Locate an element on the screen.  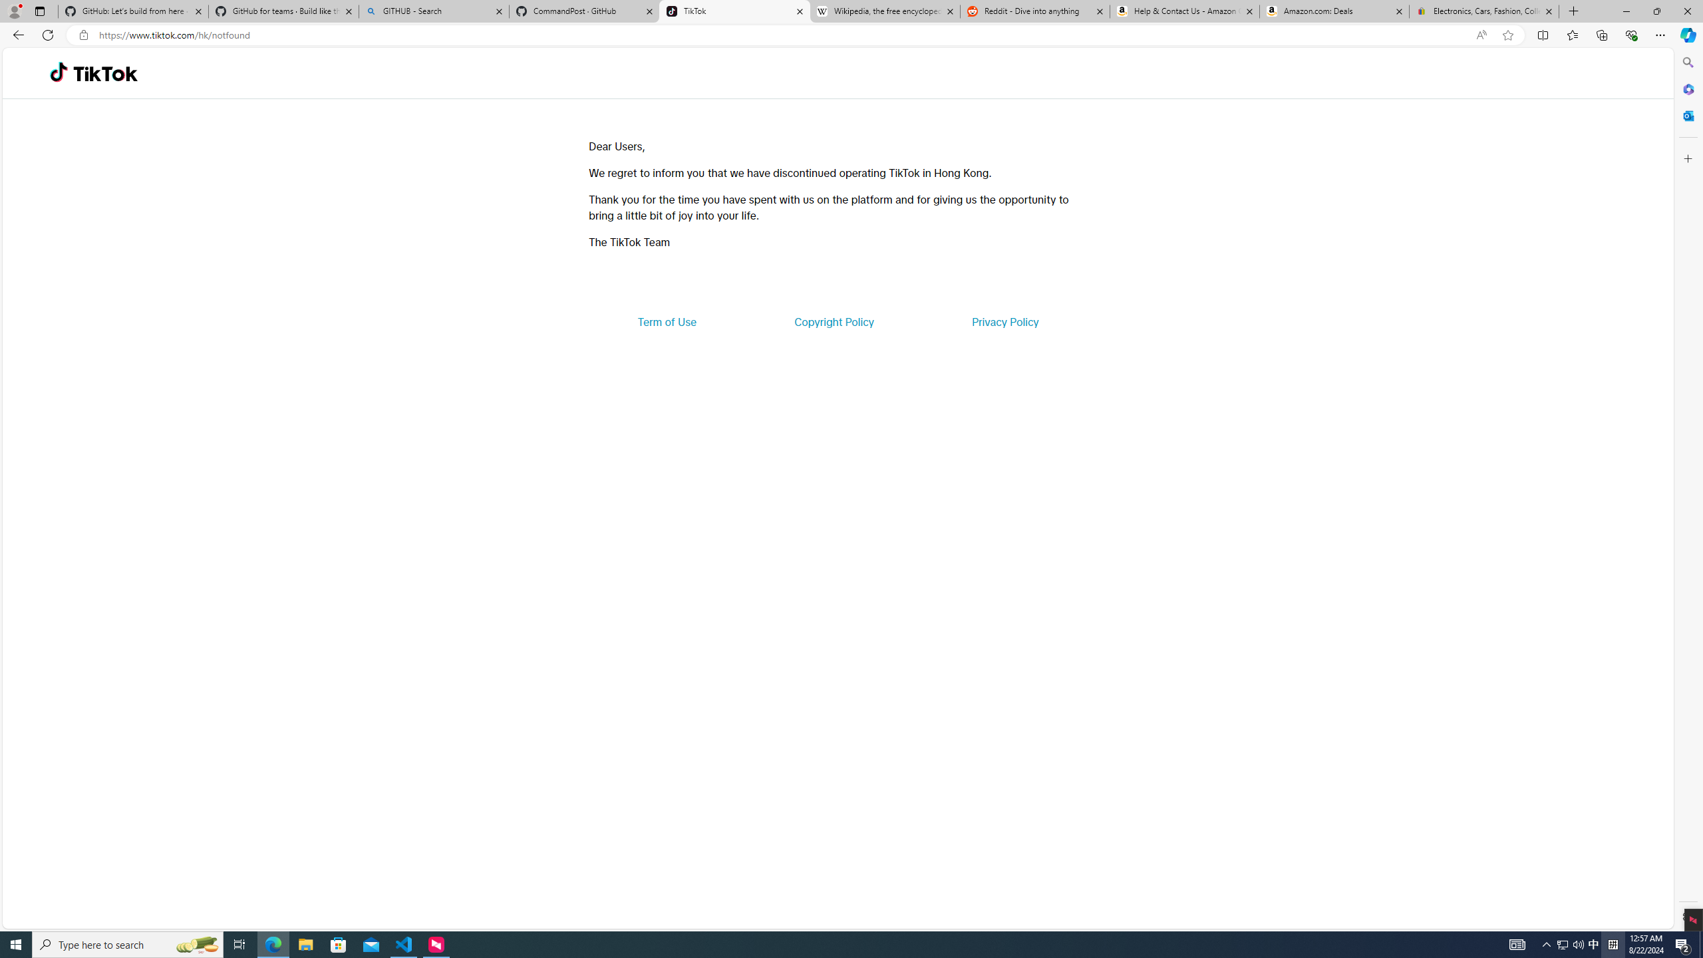
'Copyright Policy' is located at coordinates (833, 321).